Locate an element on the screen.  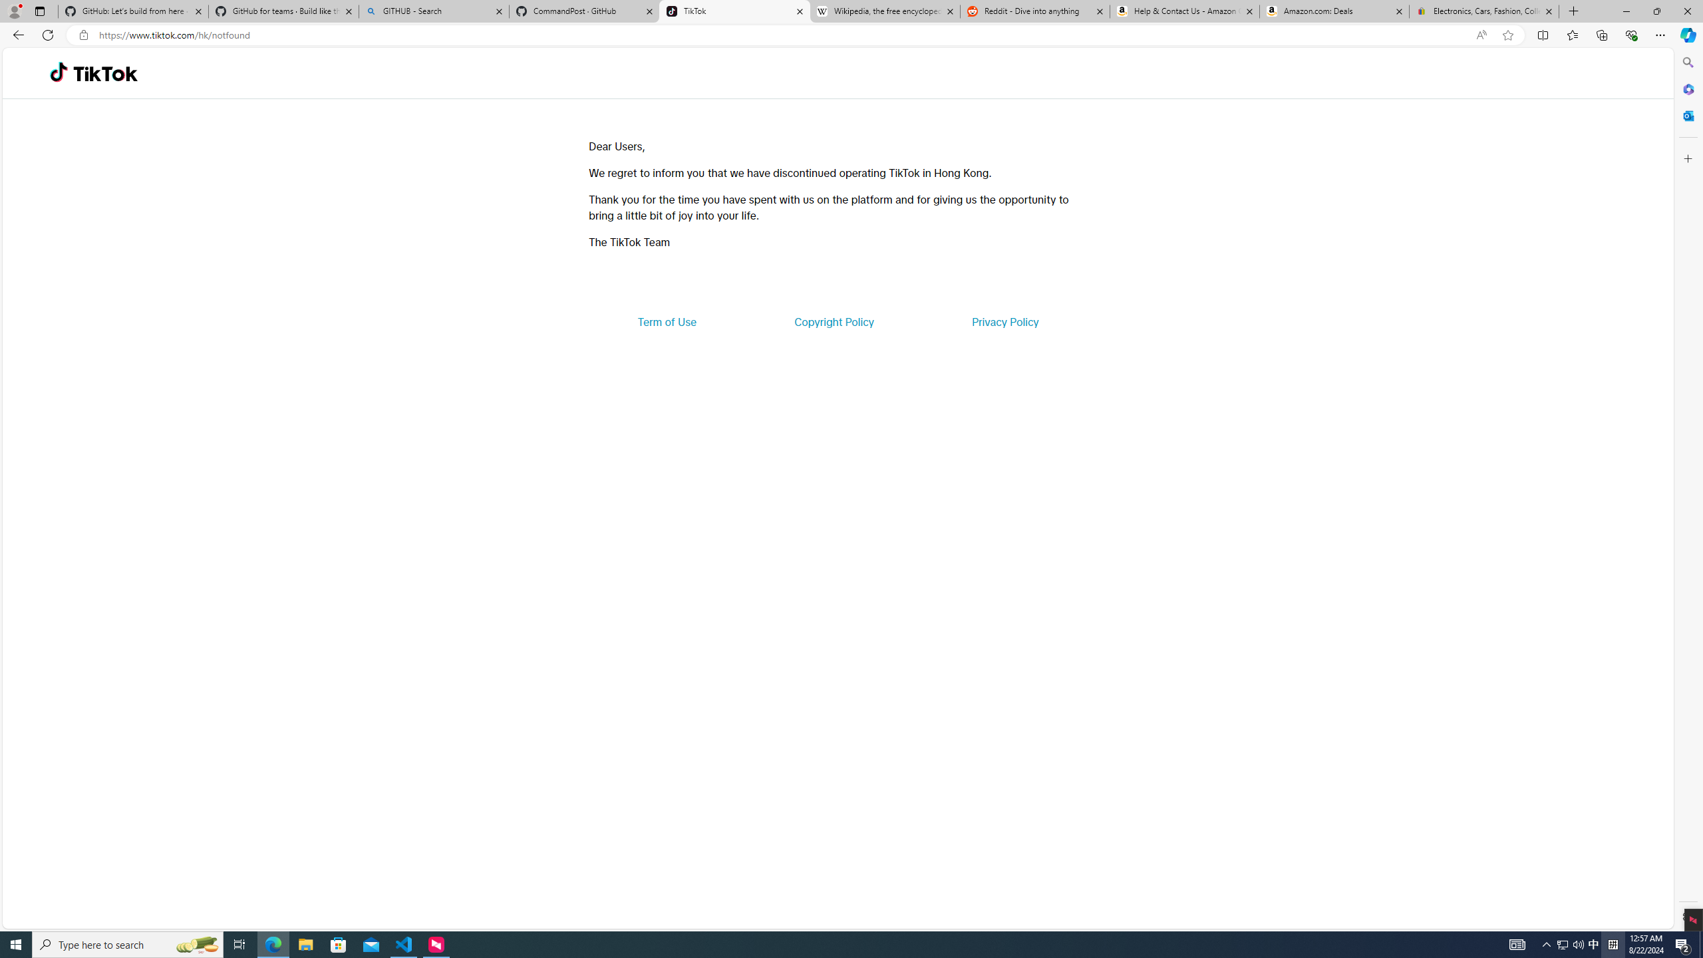
'Copyright Policy' is located at coordinates (833, 321).